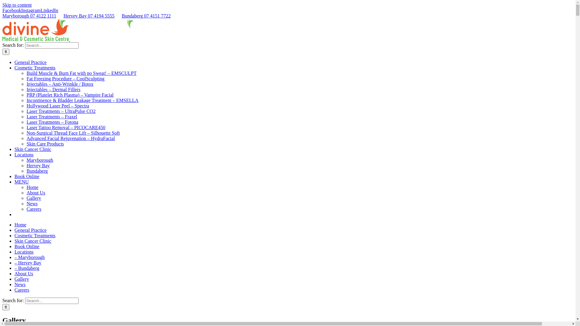 The width and height of the screenshot is (580, 326). Describe the element at coordinates (40, 10) in the screenshot. I see `'LinkedIn'` at that location.